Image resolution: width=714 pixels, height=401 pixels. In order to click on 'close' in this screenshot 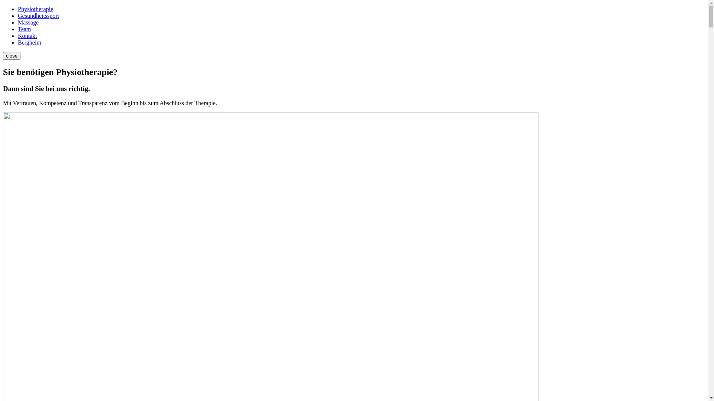, I will do `click(12, 55)`.